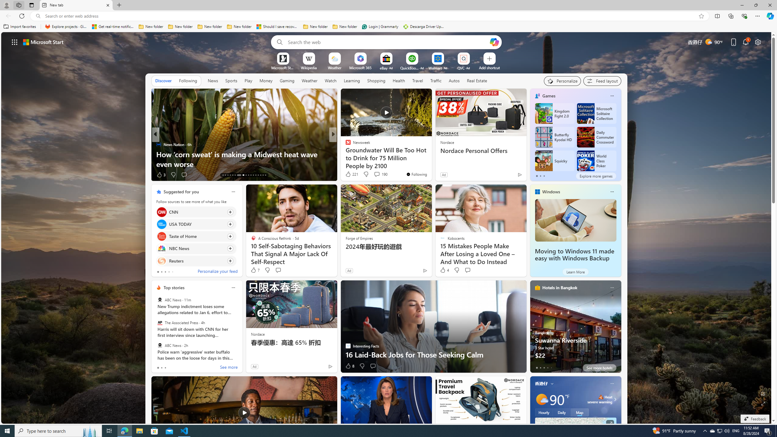  What do you see at coordinates (375, 174) in the screenshot?
I see `'View comments 174 Comment'` at bounding box center [375, 174].